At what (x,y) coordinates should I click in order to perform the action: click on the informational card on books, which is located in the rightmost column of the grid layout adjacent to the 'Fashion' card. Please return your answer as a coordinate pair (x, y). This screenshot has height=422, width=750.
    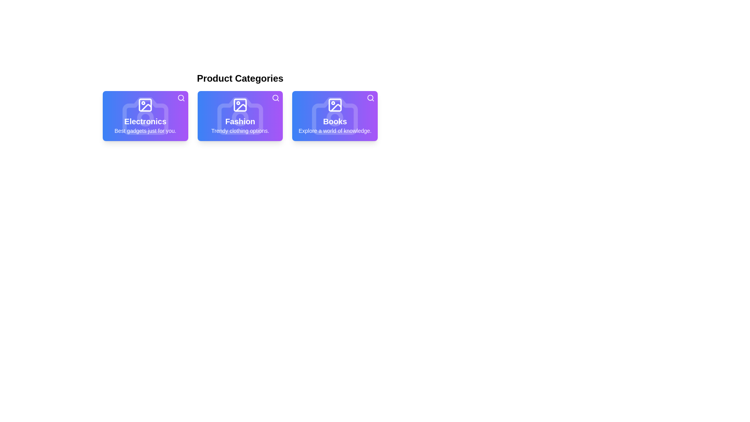
    Looking at the image, I should click on (335, 116).